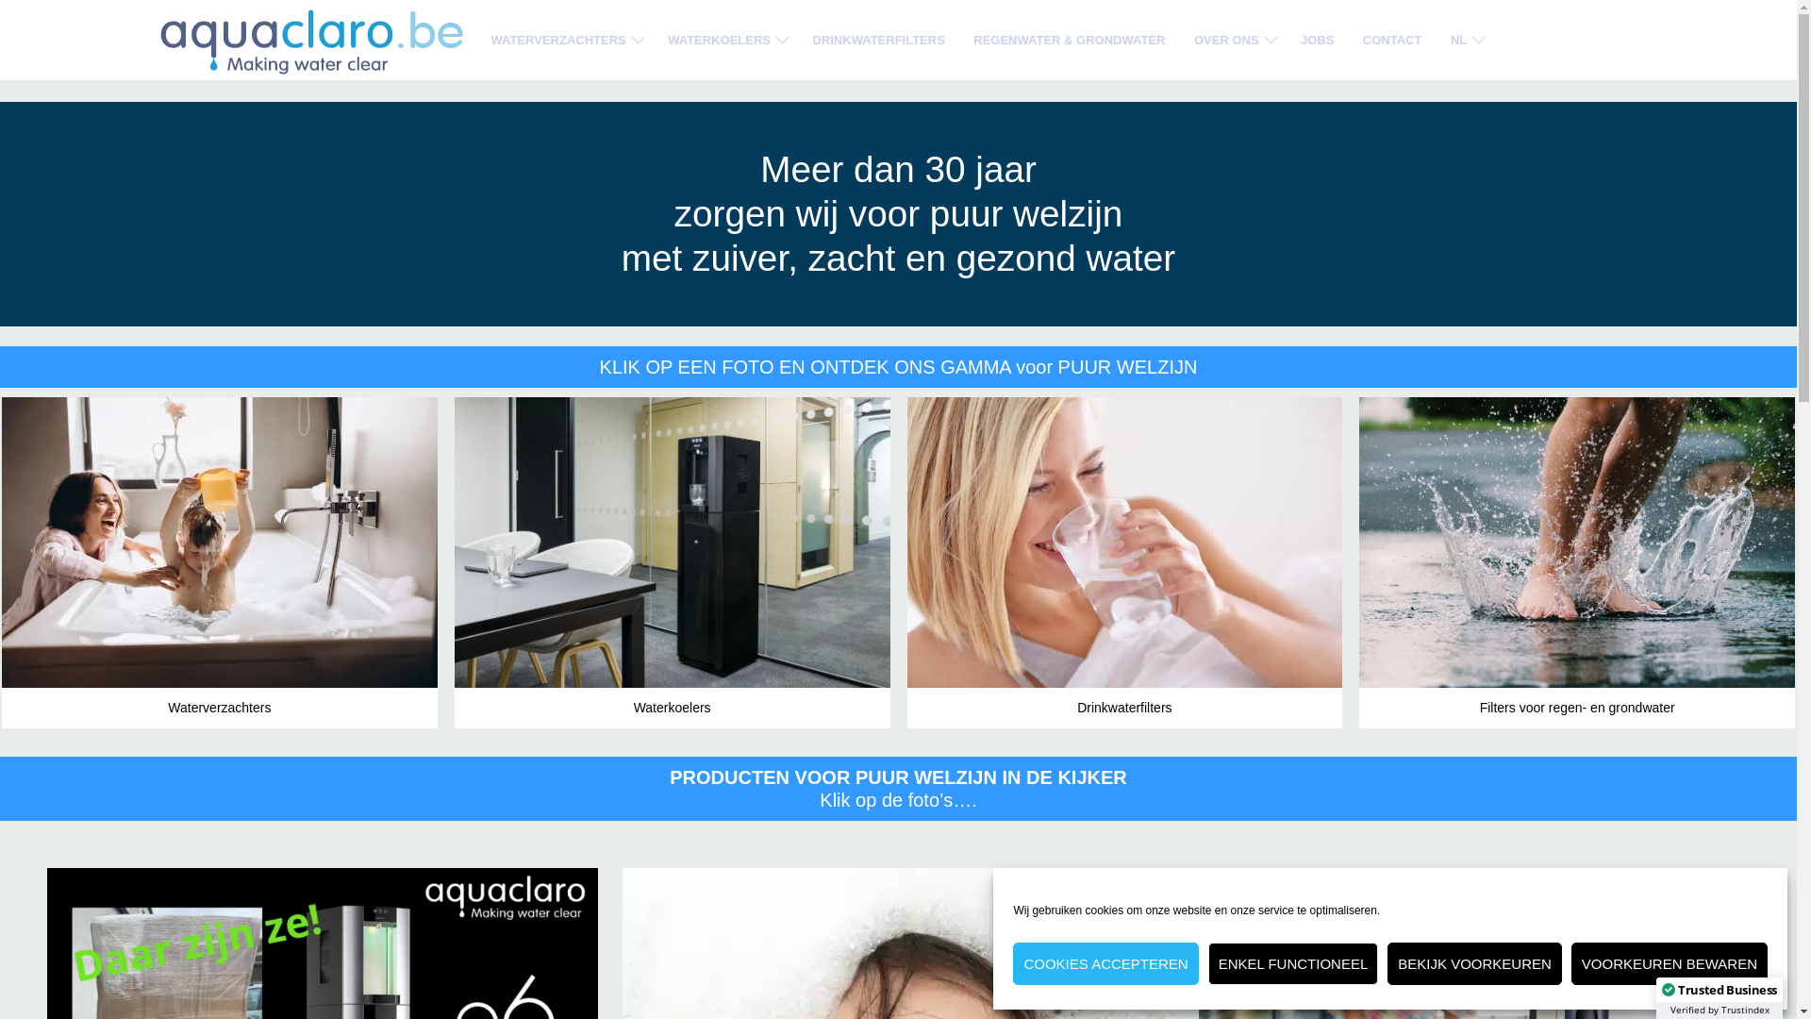  I want to click on 'ENKEL FUNCTIONEEL', so click(1292, 963).